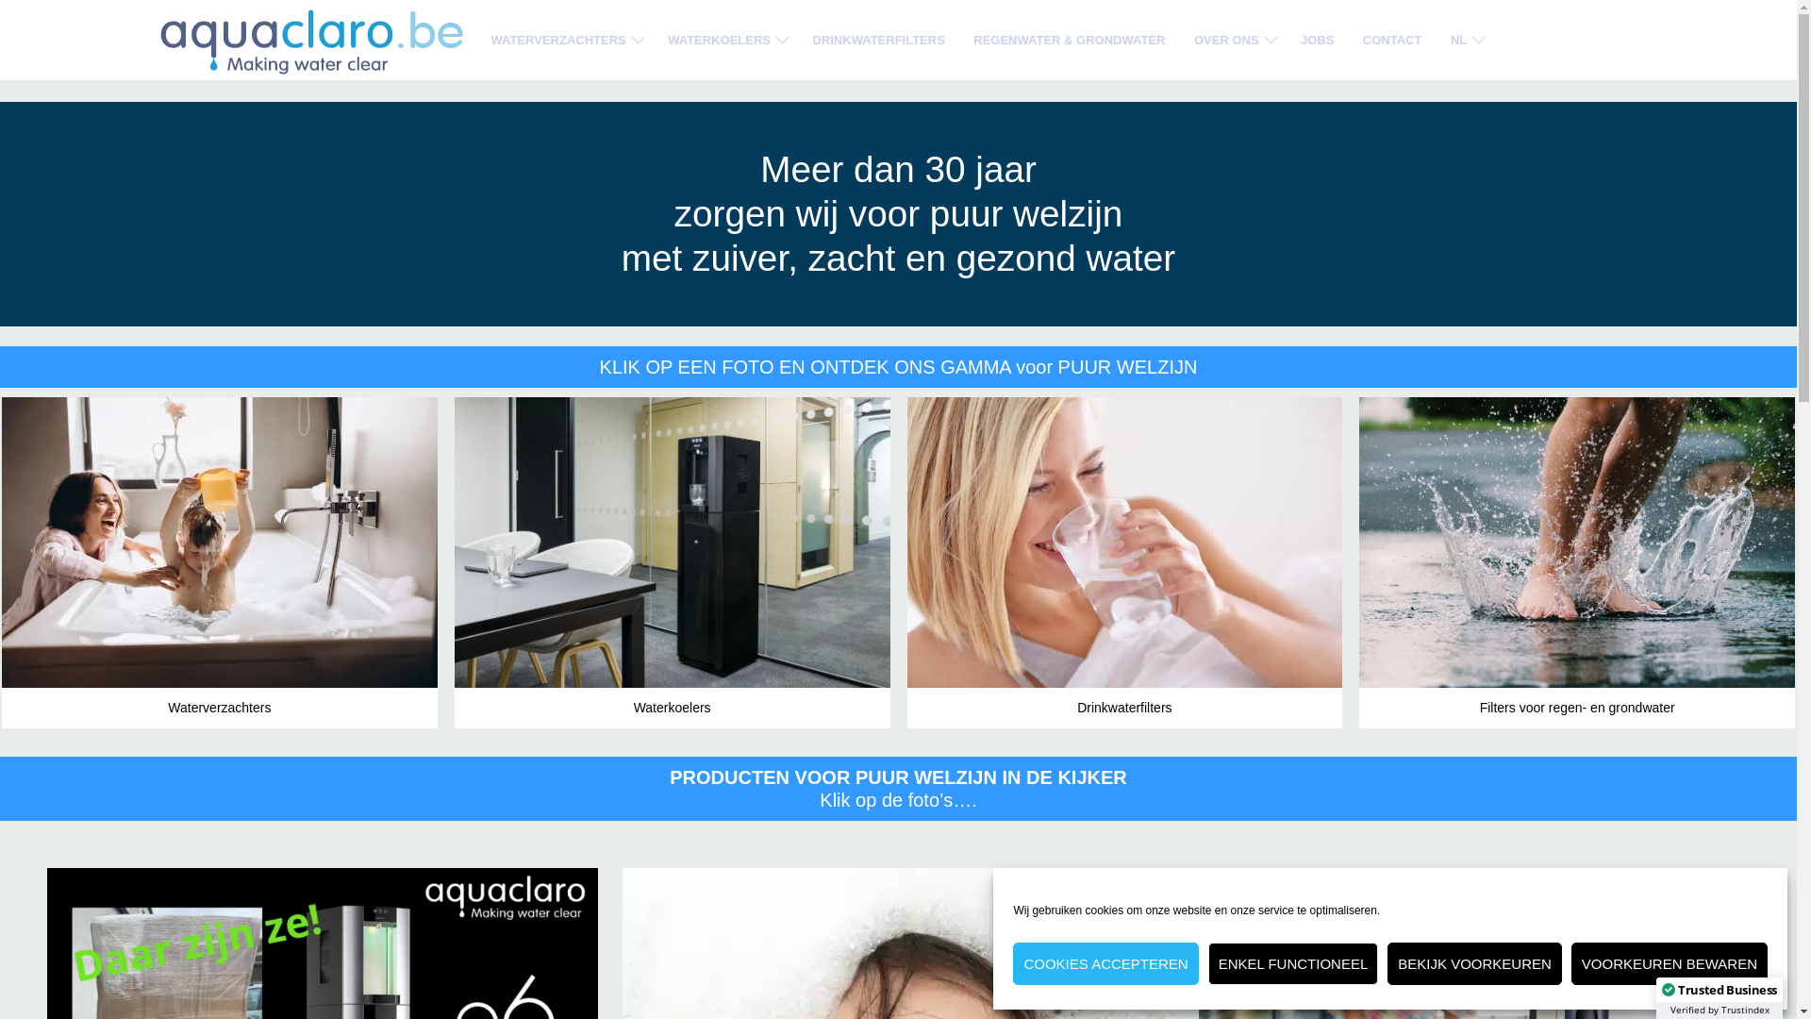  I want to click on 'ENKEL FUNCTIONEEL', so click(1292, 963).